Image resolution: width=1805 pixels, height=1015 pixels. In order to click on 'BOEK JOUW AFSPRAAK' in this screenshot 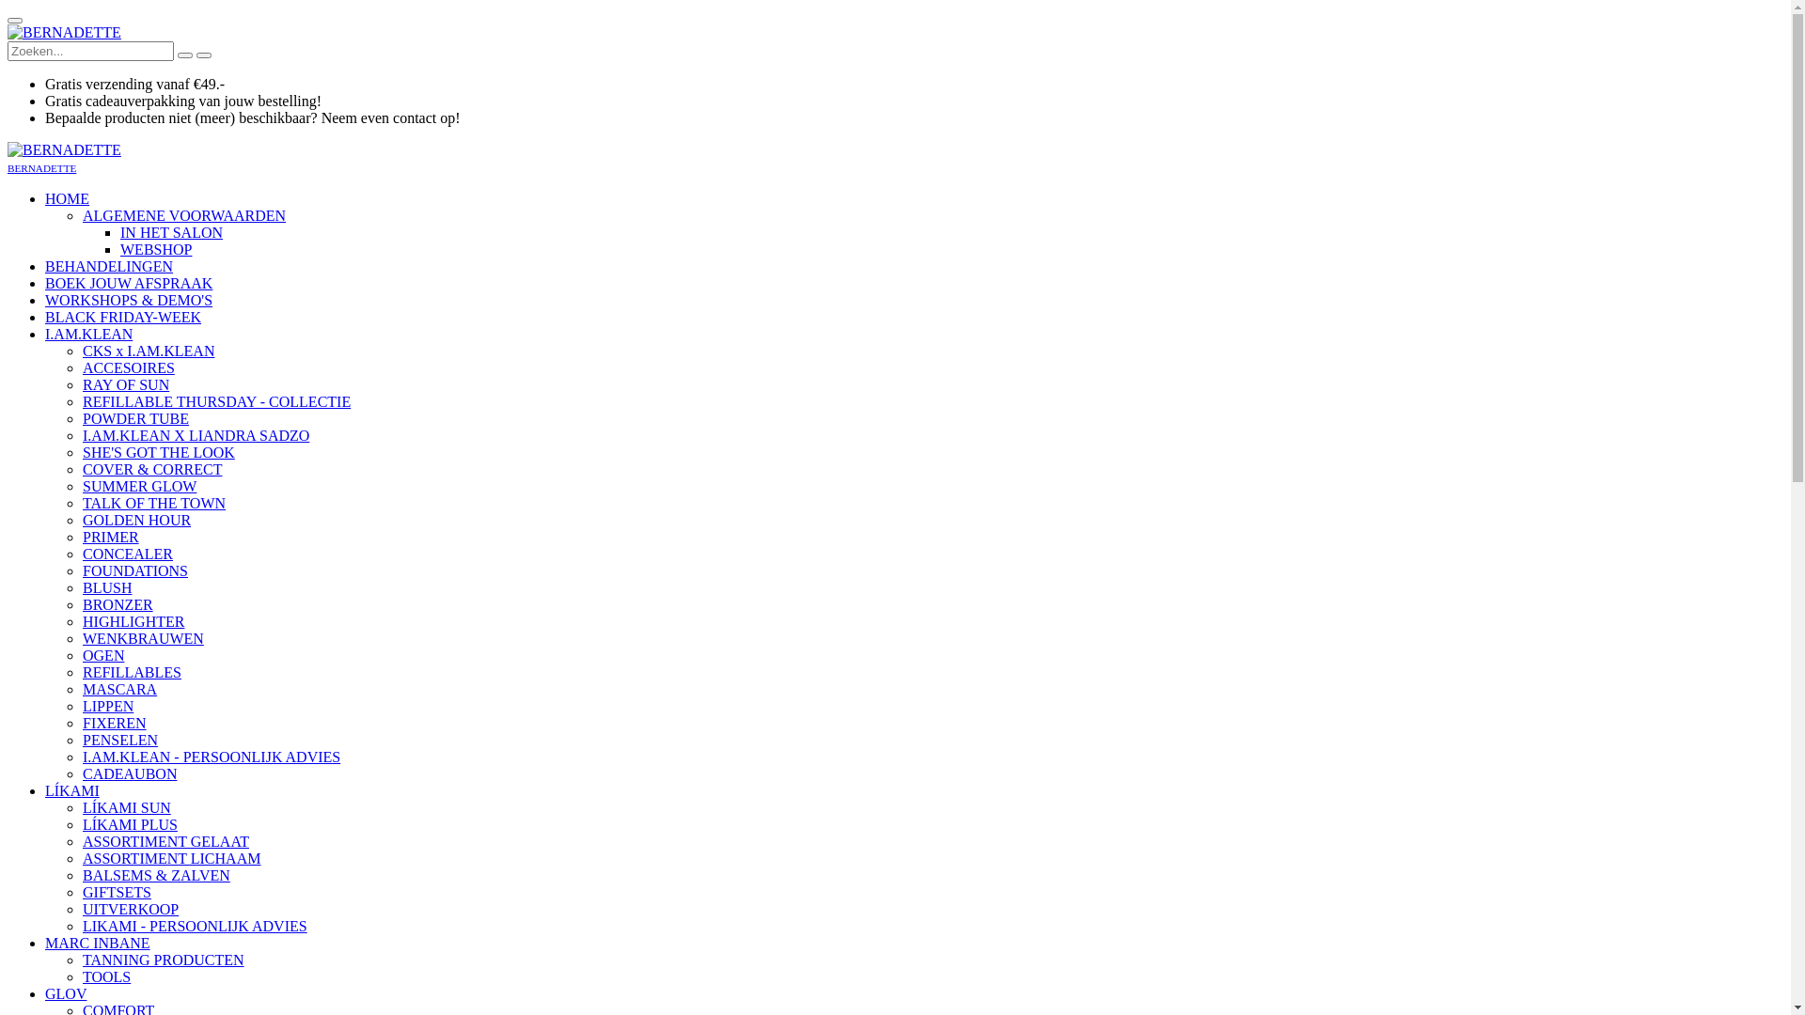, I will do `click(128, 283)`.